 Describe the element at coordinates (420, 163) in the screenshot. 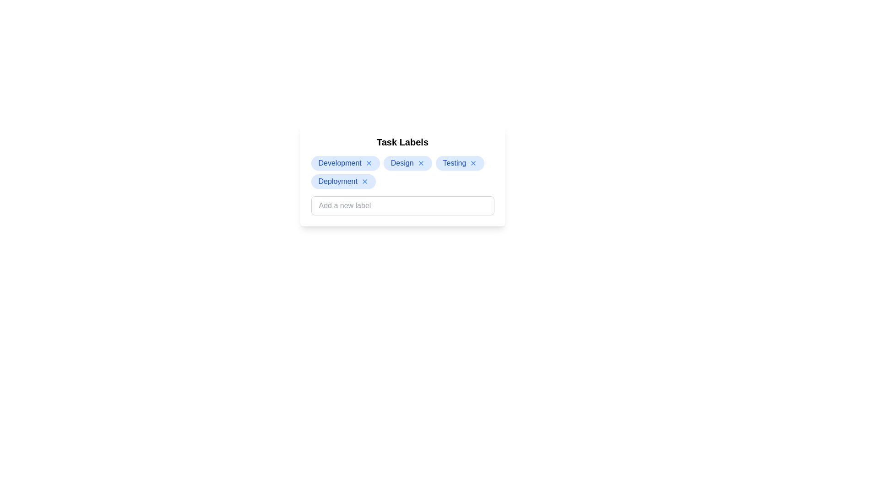

I see `the small blue cross icon located on the right side of the 'Design' label` at that location.